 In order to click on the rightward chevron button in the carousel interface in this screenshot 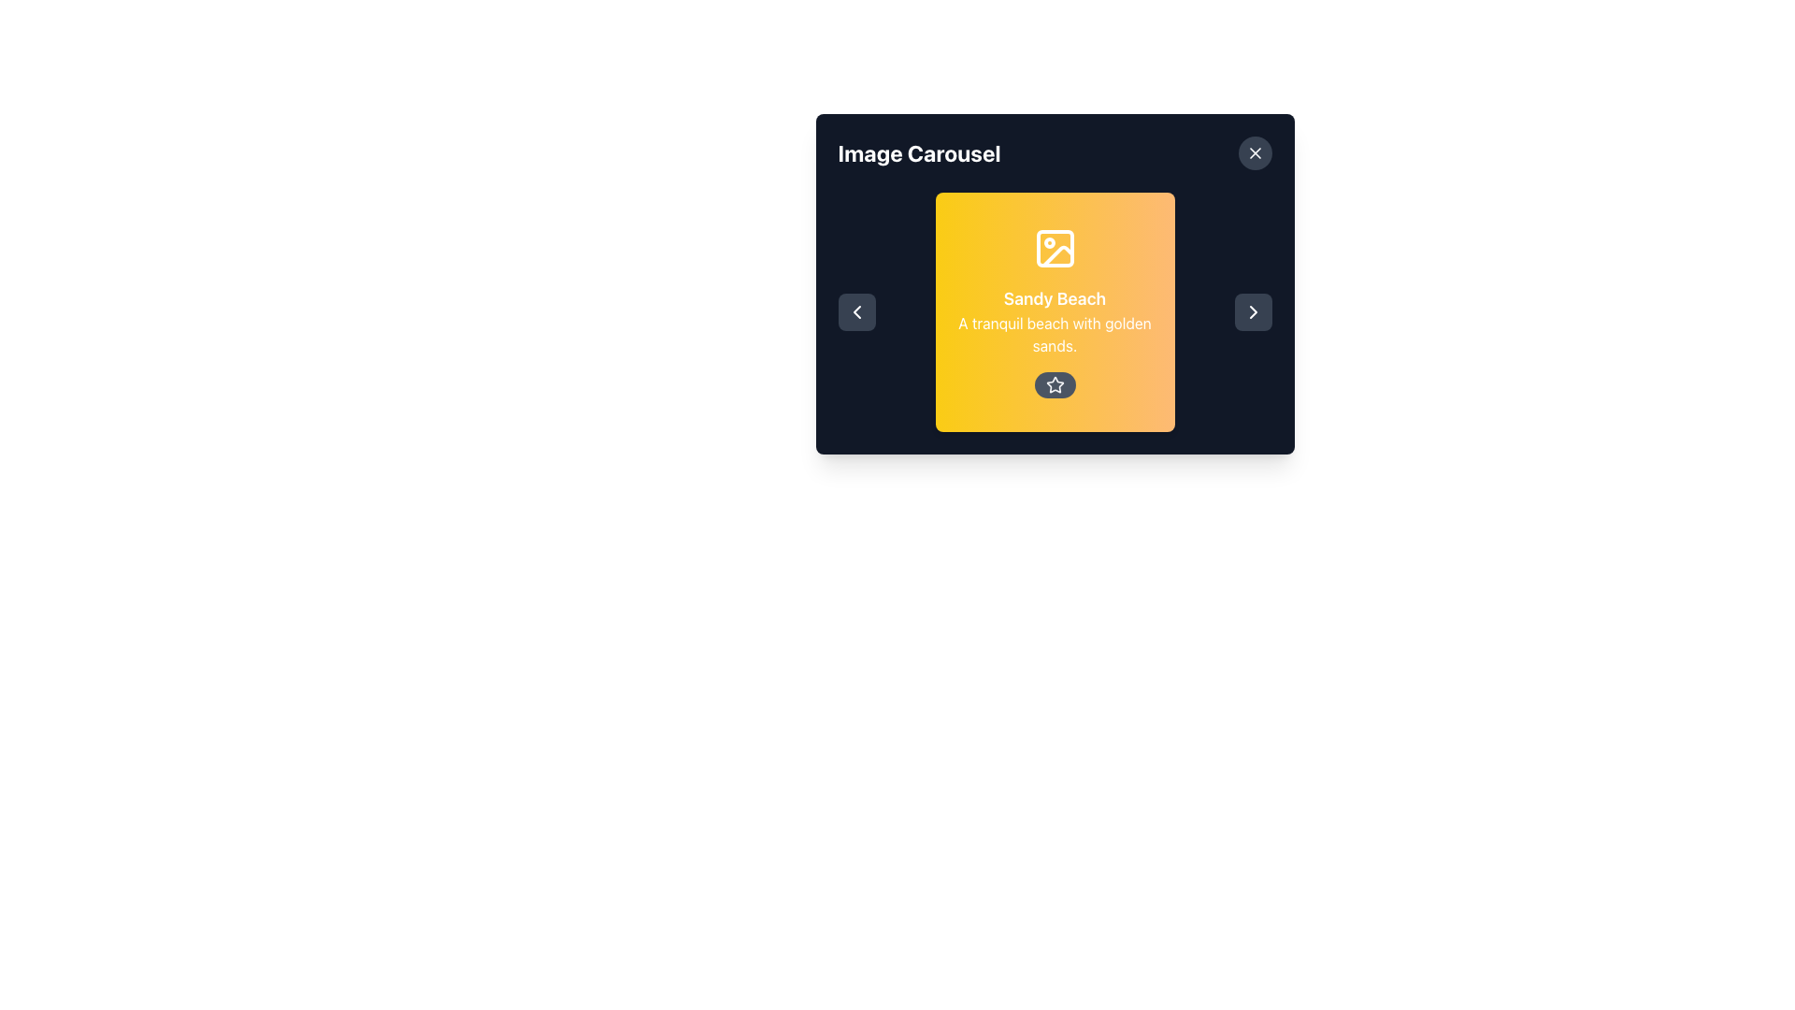, I will do `click(1253, 311)`.